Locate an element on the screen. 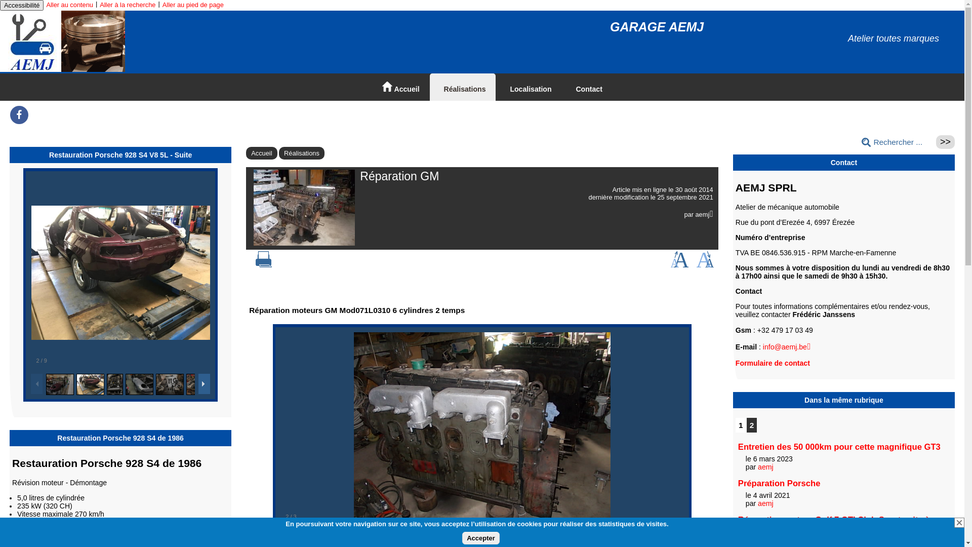 This screenshot has width=972, height=547. 'Formulaire de contact' is located at coordinates (772, 363).